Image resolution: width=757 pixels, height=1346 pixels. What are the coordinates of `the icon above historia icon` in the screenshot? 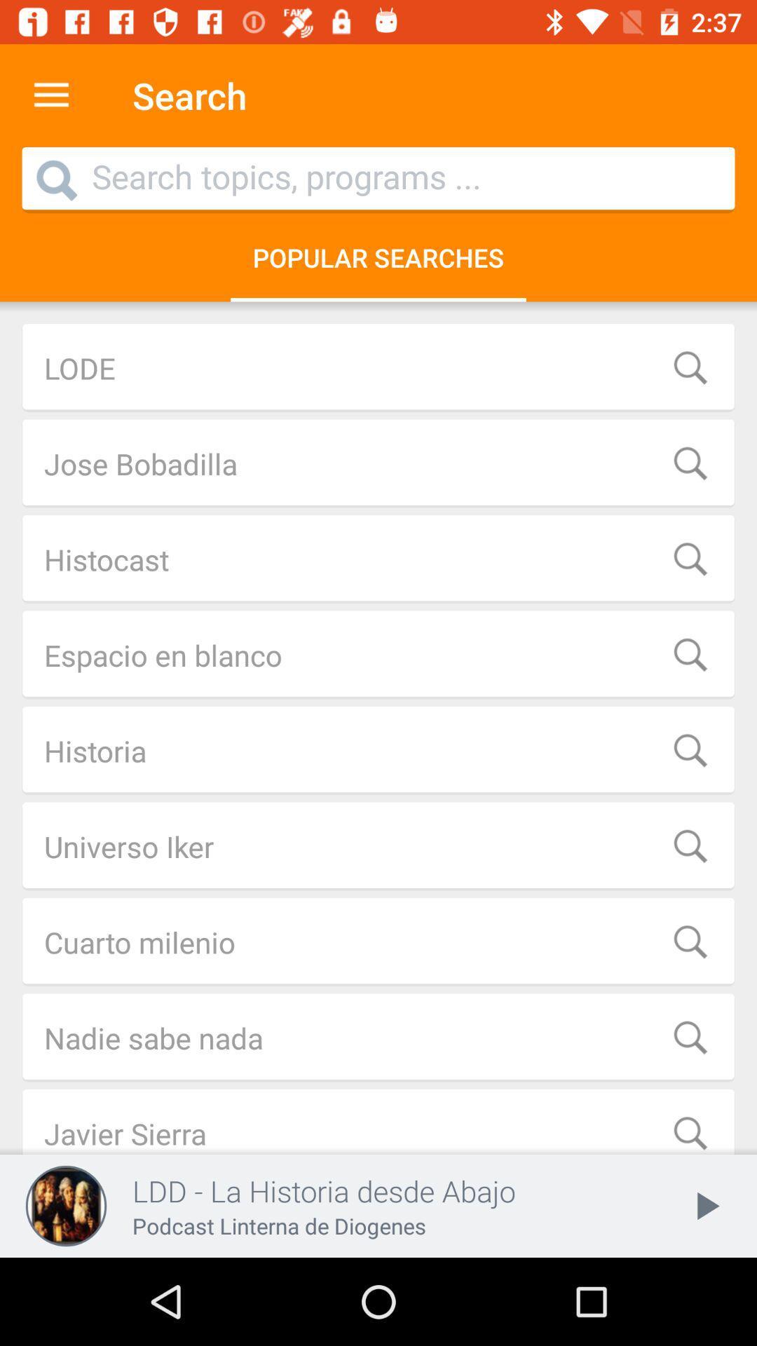 It's located at (378, 654).